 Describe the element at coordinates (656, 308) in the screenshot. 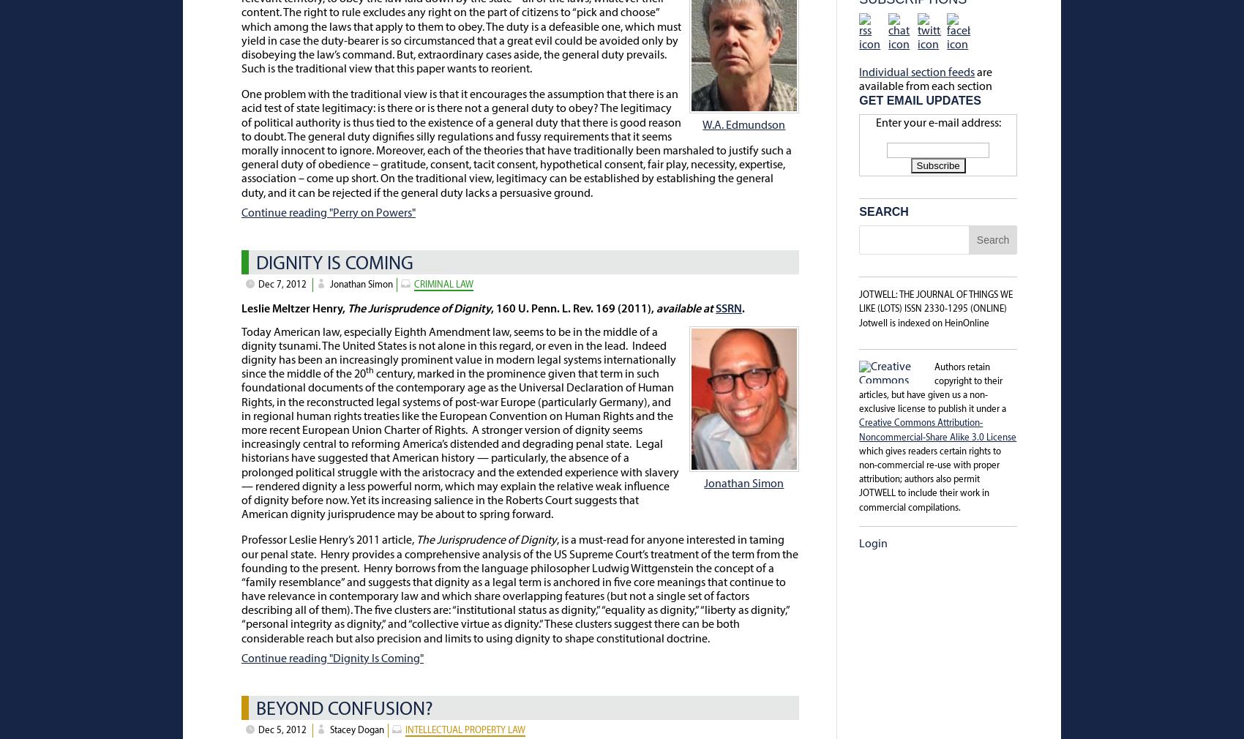

I see `'available at'` at that location.